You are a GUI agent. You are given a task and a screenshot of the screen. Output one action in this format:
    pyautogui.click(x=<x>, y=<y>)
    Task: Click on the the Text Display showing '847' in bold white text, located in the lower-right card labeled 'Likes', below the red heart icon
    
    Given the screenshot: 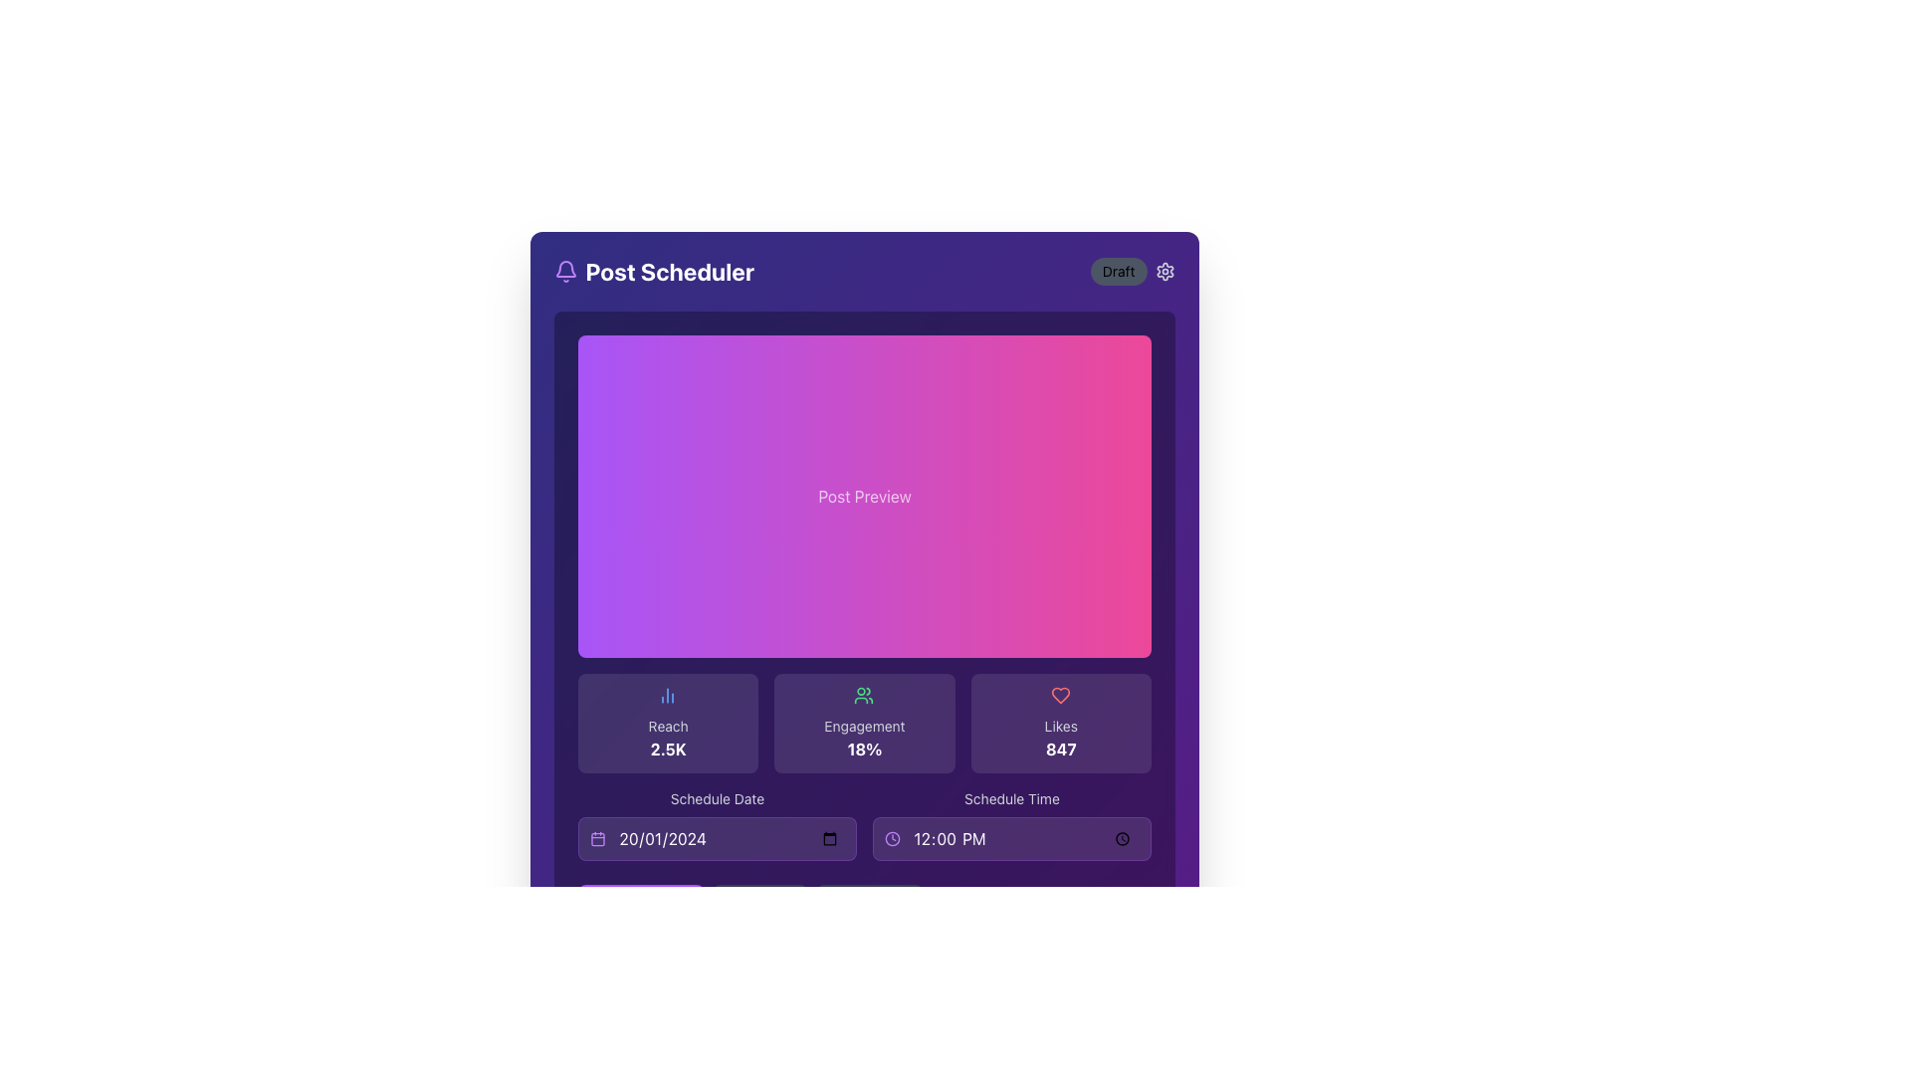 What is the action you would take?
    pyautogui.click(x=1059, y=749)
    